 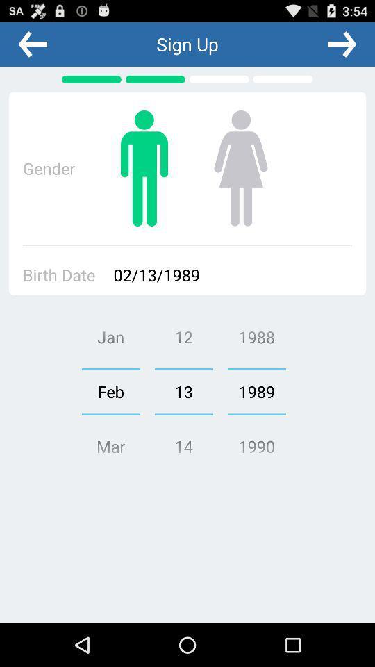 What do you see at coordinates (110, 391) in the screenshot?
I see `icon below the birth date` at bounding box center [110, 391].